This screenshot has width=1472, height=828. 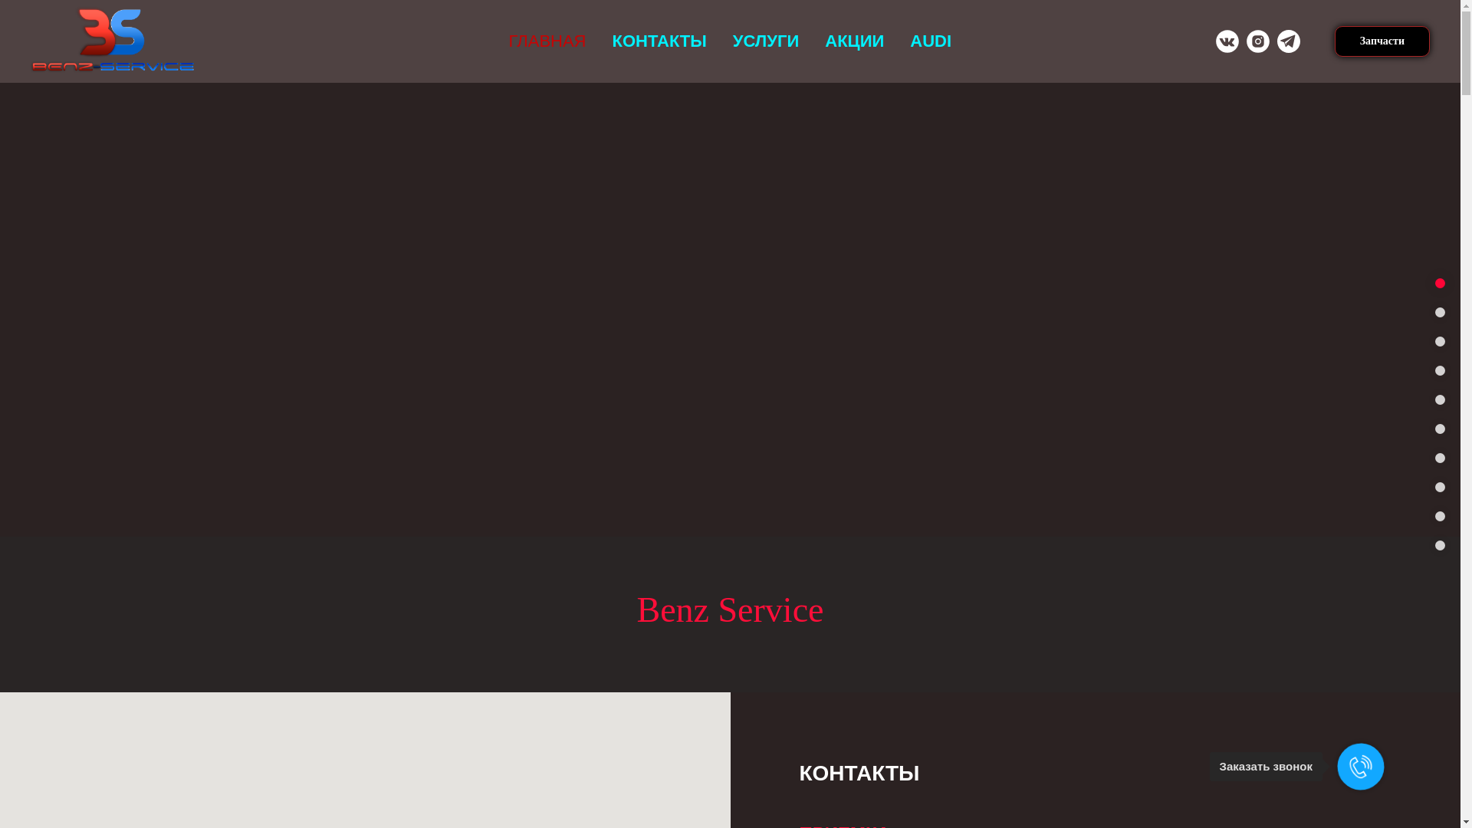 I want to click on 'Telegram', so click(x=1288, y=41).